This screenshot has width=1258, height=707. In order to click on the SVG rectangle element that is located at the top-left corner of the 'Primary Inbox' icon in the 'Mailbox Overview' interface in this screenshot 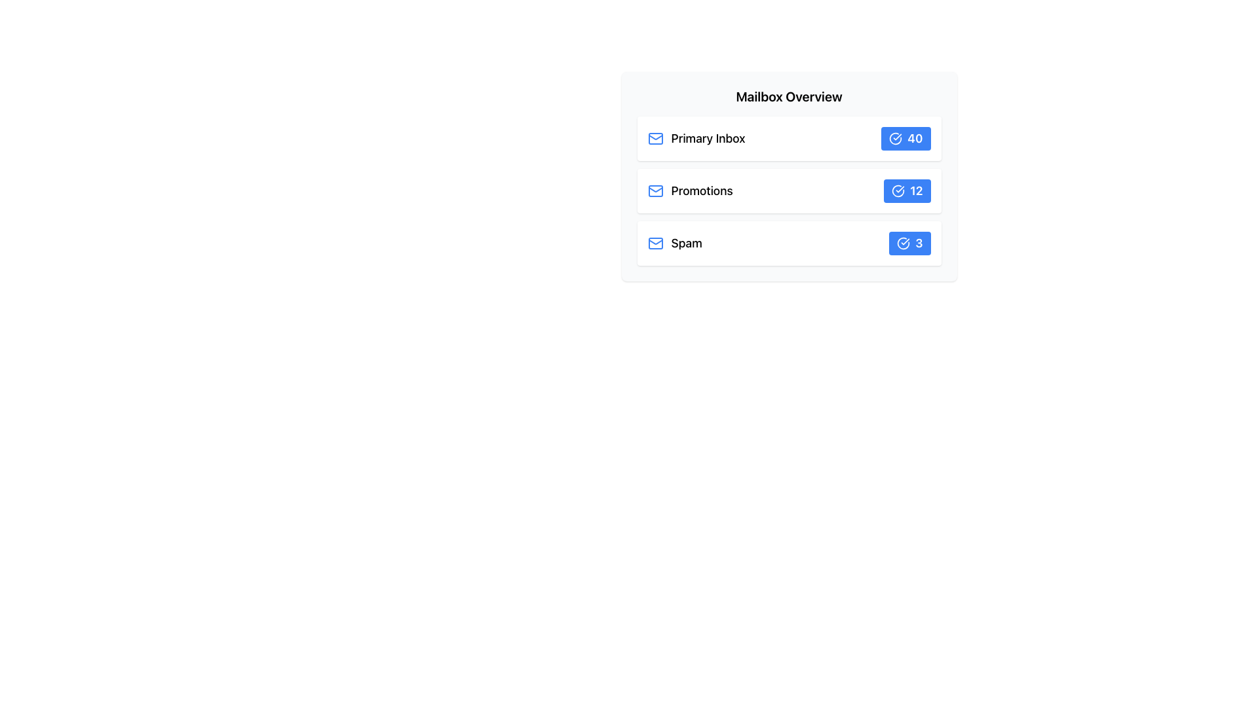, I will do `click(655, 139)`.